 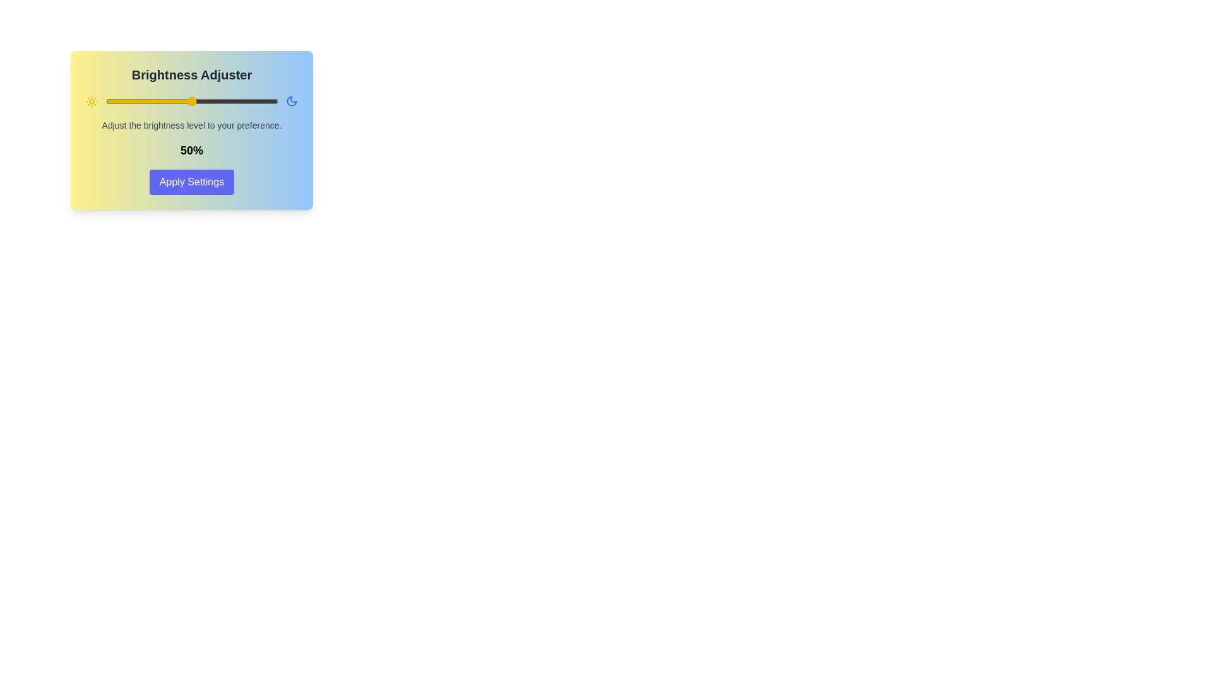 What do you see at coordinates (140, 101) in the screenshot?
I see `the brightness slider to 20%` at bounding box center [140, 101].